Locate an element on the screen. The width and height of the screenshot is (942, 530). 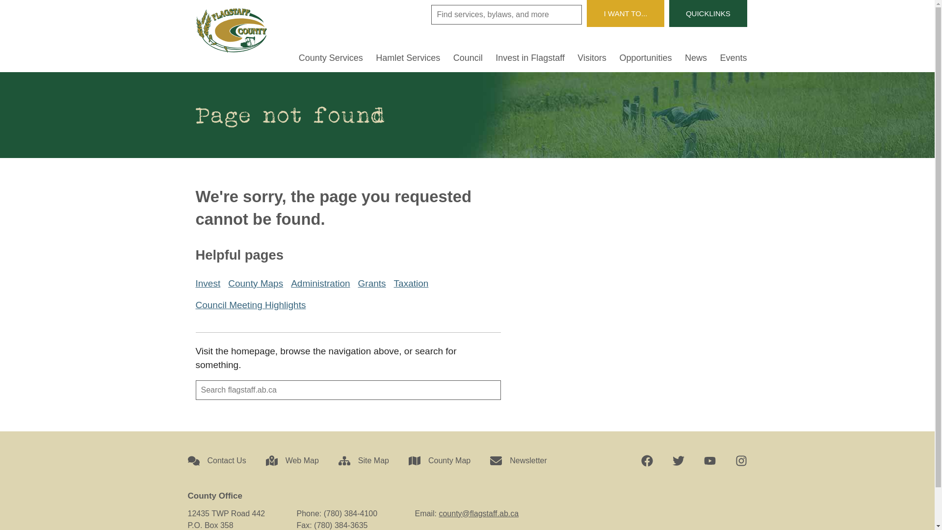
'County Services' is located at coordinates (331, 60).